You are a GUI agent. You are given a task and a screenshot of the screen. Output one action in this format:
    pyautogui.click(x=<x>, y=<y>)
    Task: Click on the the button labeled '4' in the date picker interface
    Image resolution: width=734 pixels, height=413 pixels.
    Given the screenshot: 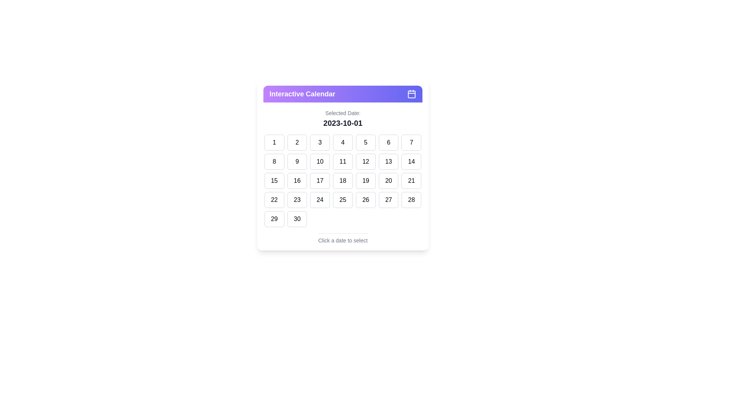 What is the action you would take?
    pyautogui.click(x=343, y=143)
    